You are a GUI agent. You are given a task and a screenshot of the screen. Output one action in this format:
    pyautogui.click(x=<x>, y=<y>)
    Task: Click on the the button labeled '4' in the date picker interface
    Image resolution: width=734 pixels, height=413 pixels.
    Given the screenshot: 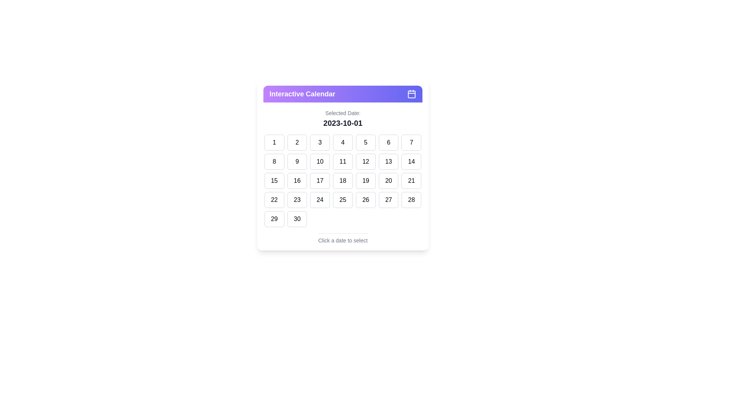 What is the action you would take?
    pyautogui.click(x=343, y=143)
    